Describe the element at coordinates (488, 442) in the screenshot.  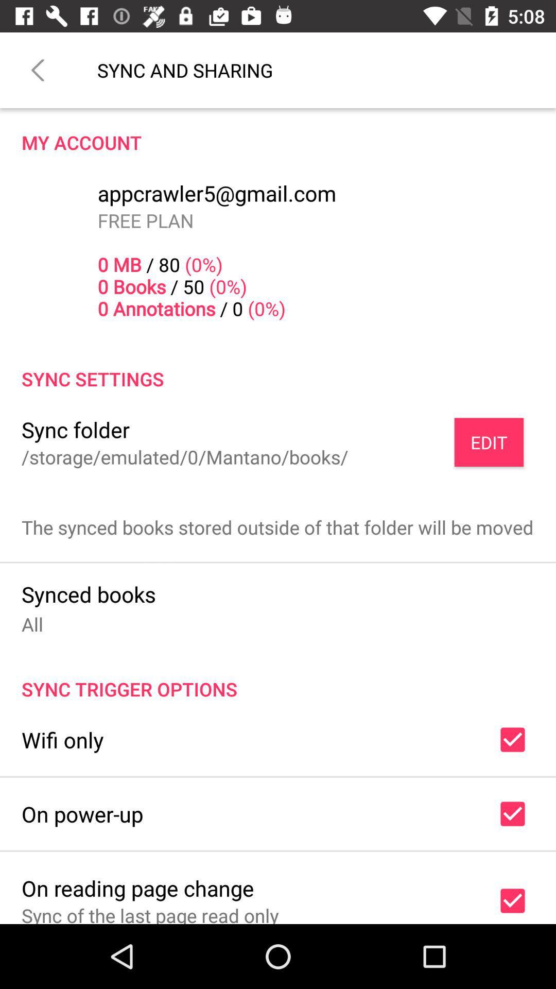
I see `the edit` at that location.